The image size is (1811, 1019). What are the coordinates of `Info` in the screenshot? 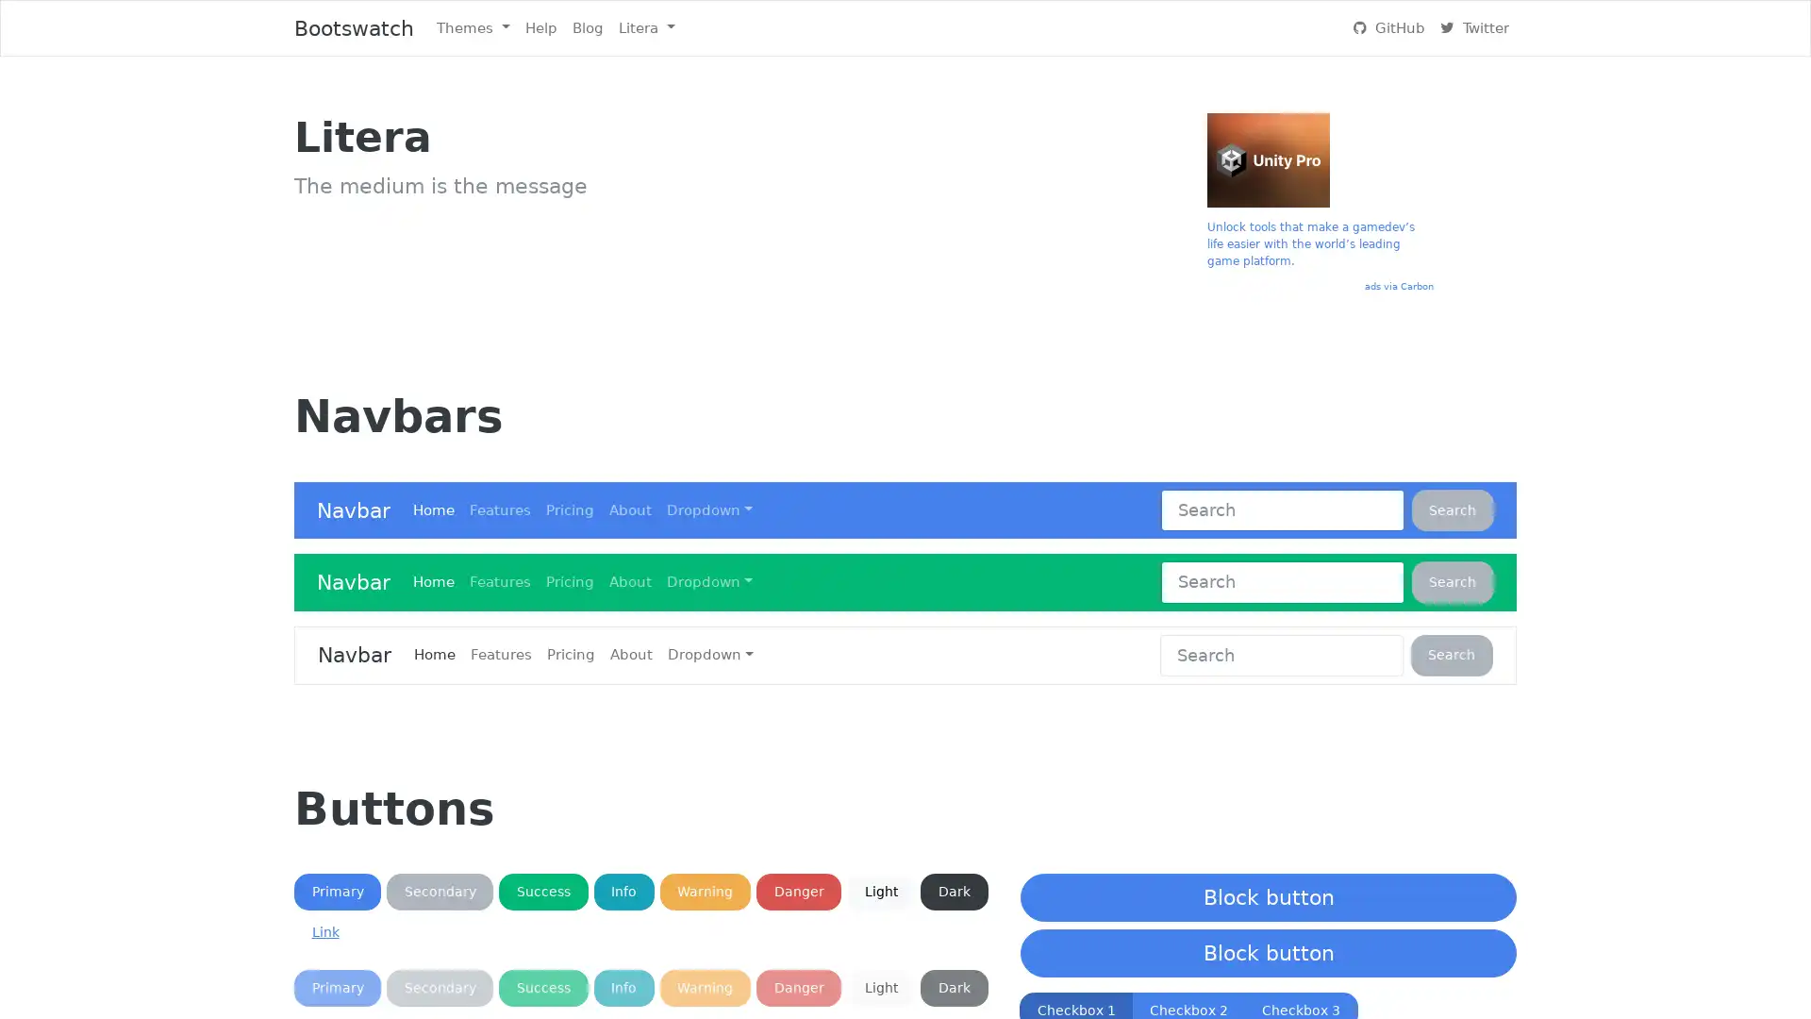 It's located at (623, 892).